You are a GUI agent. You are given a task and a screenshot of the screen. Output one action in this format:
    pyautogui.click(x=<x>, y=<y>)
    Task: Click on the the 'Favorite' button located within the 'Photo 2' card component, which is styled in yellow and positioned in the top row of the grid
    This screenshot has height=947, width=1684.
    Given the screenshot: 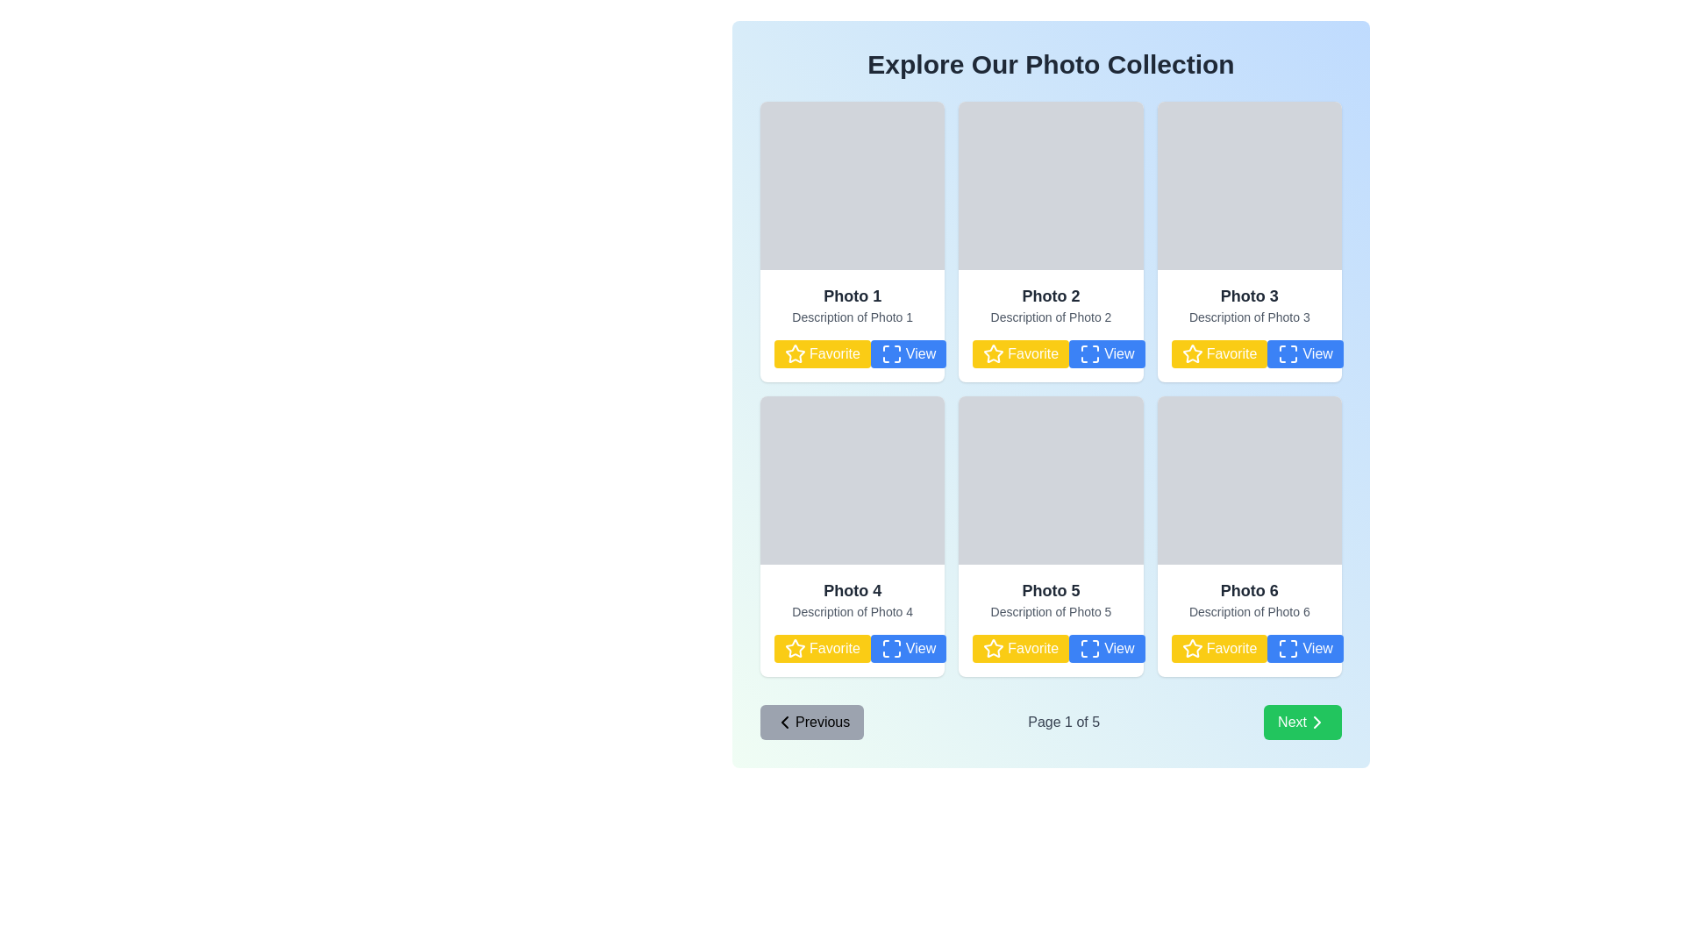 What is the action you would take?
    pyautogui.click(x=1051, y=325)
    